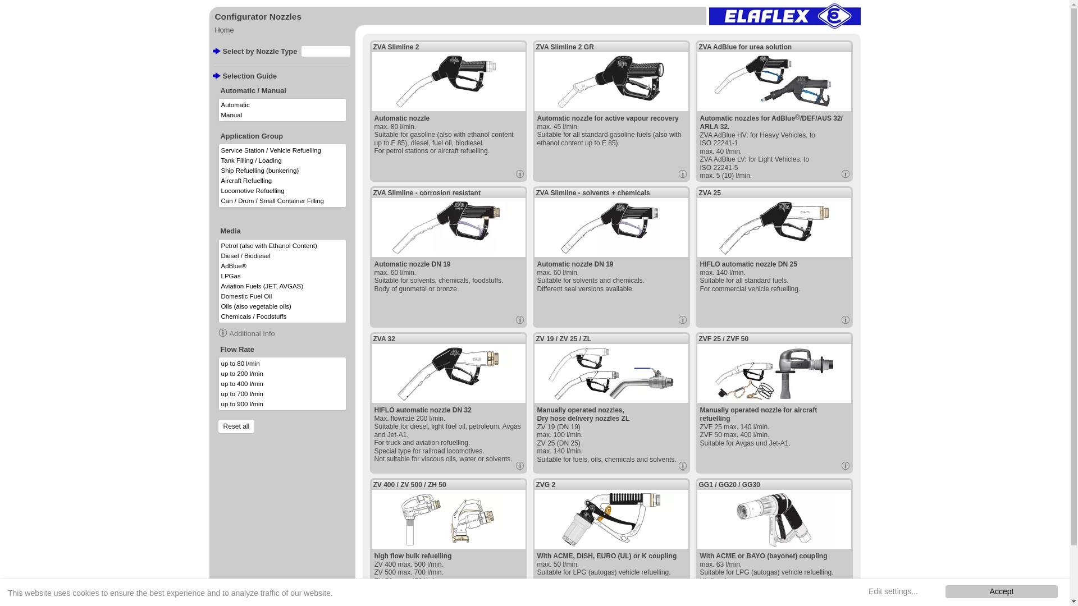  What do you see at coordinates (223, 29) in the screenshot?
I see `'Home'` at bounding box center [223, 29].